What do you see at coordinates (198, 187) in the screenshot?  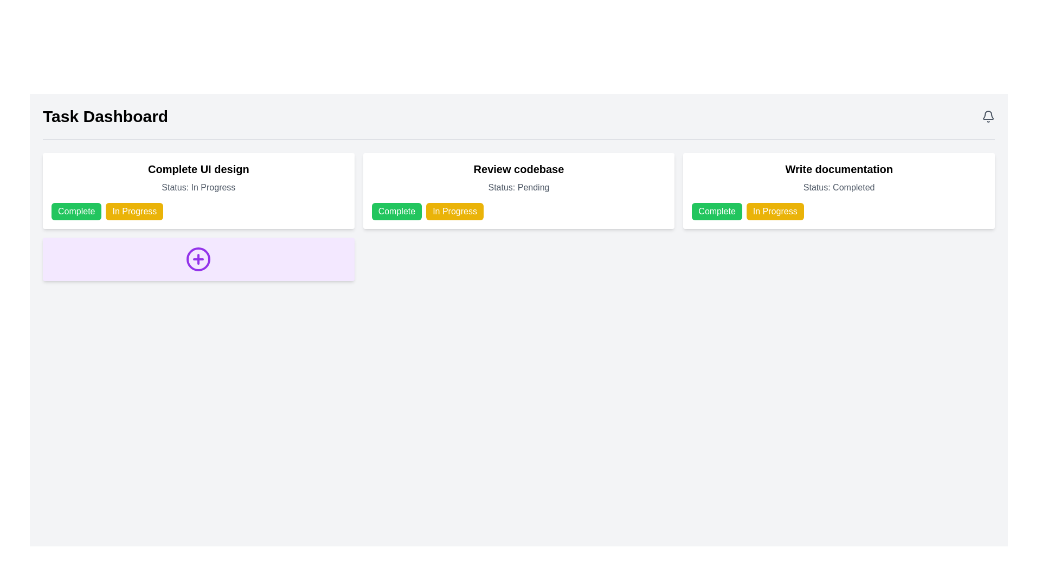 I see `the static text displaying the current status of the task labeled 'Complete UI design', which is located in the center-left card of the dashboard, positioned below the heading and above the buttons` at bounding box center [198, 187].